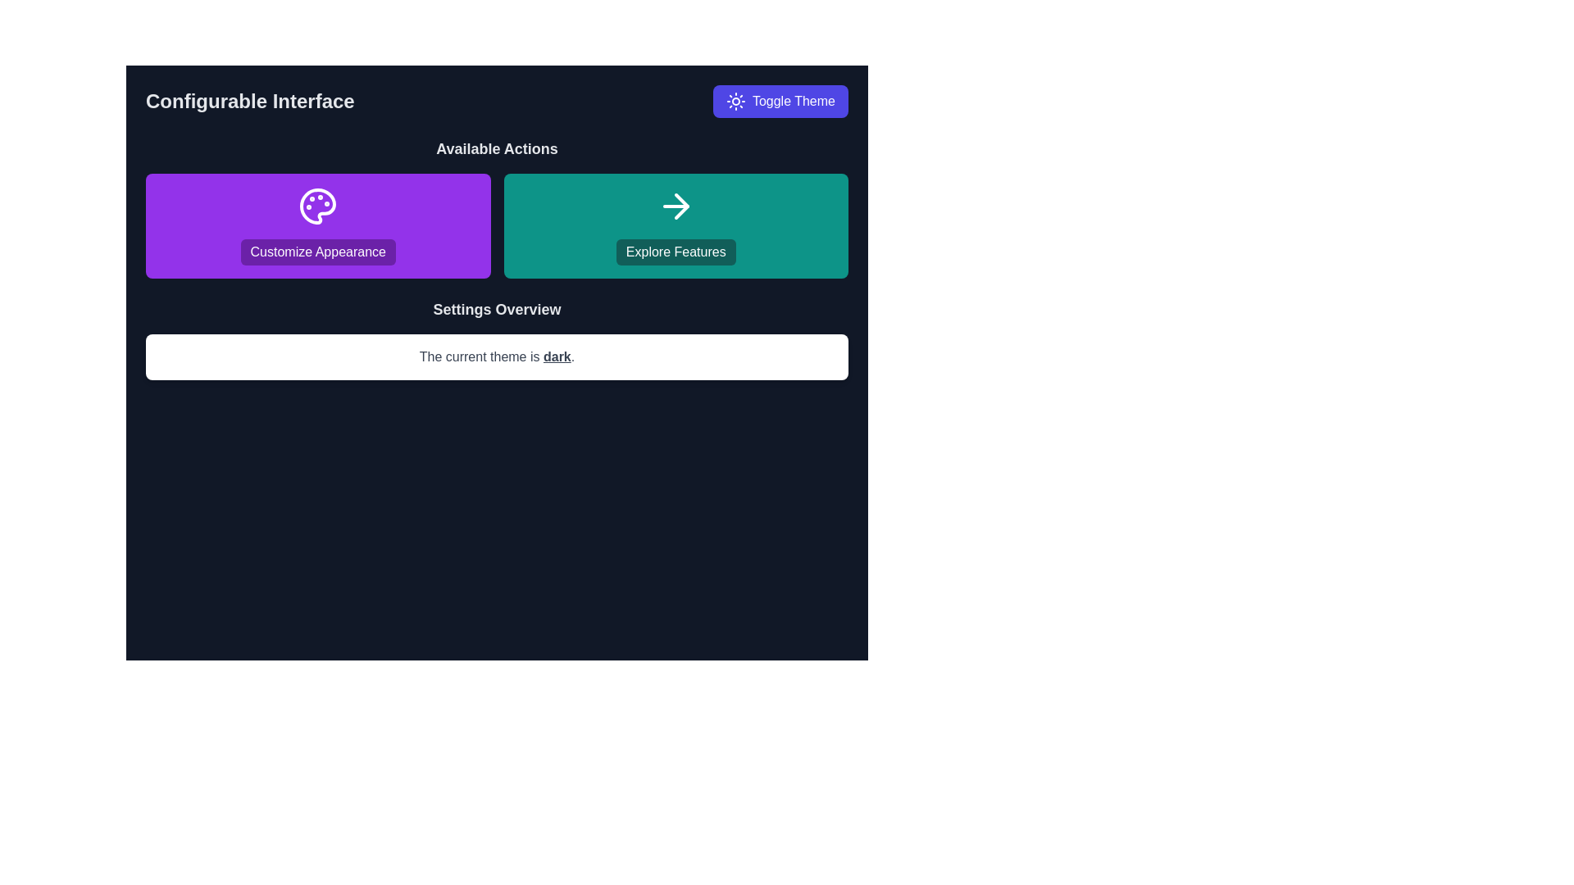 The height and width of the screenshot is (885, 1574). Describe the element at coordinates (496, 148) in the screenshot. I see `text header labeled 'Available Actions', which is styled in bold and centrally aligned at the top of its section` at that location.